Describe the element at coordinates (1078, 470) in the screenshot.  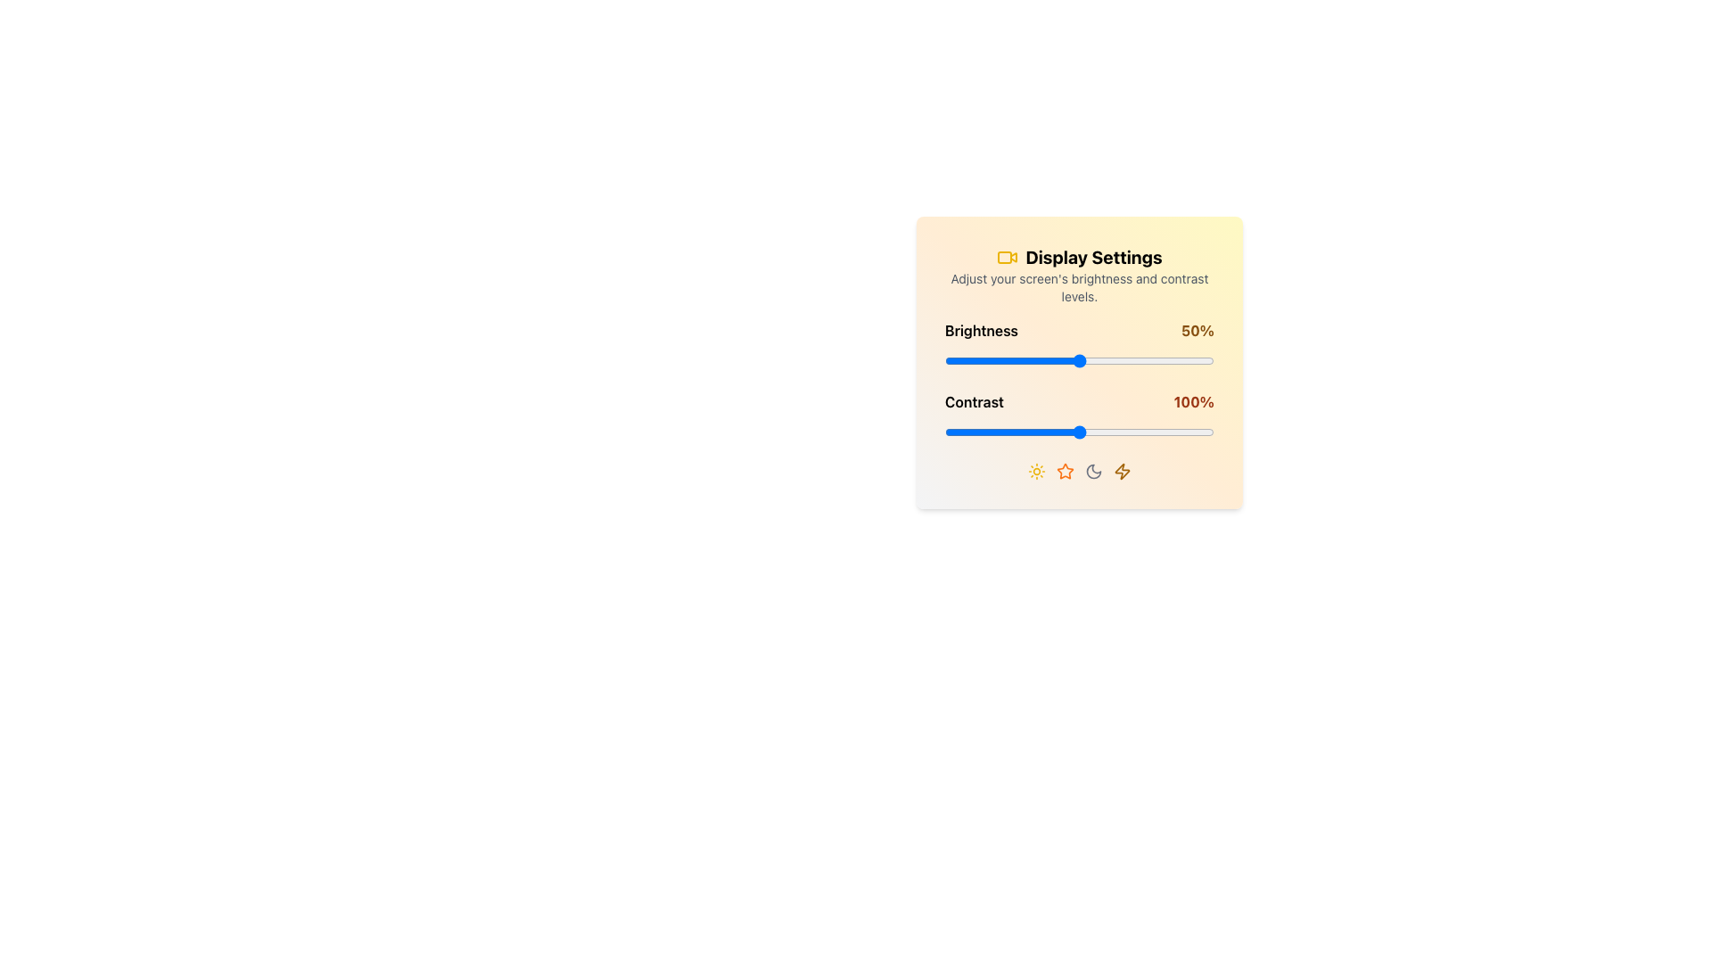
I see `the Icon Group located at the bottom of the card UI, which contains various symbolic icons for different modes or themes` at that location.